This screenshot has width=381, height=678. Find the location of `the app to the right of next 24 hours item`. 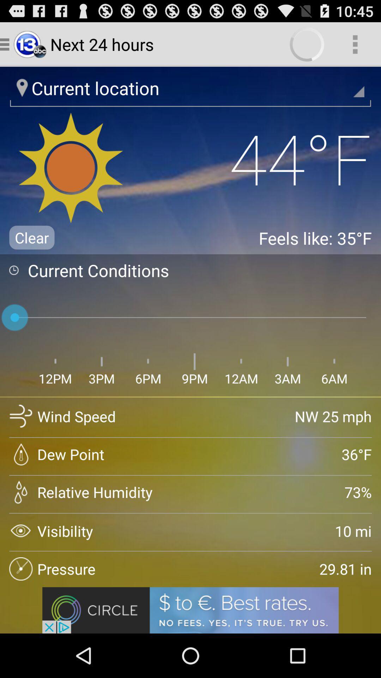

the app to the right of next 24 hours item is located at coordinates (355, 44).